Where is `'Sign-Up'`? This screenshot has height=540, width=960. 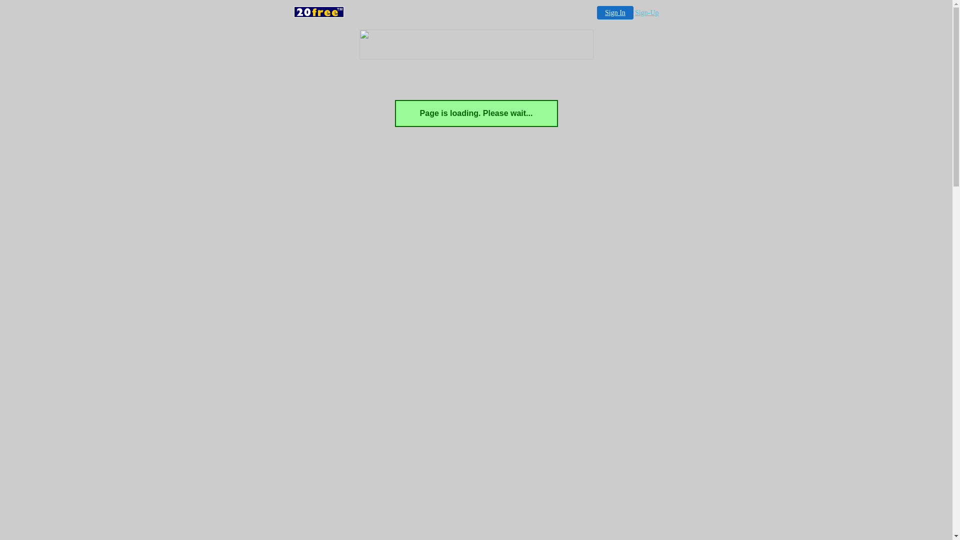
'Sign-Up' is located at coordinates (646, 12).